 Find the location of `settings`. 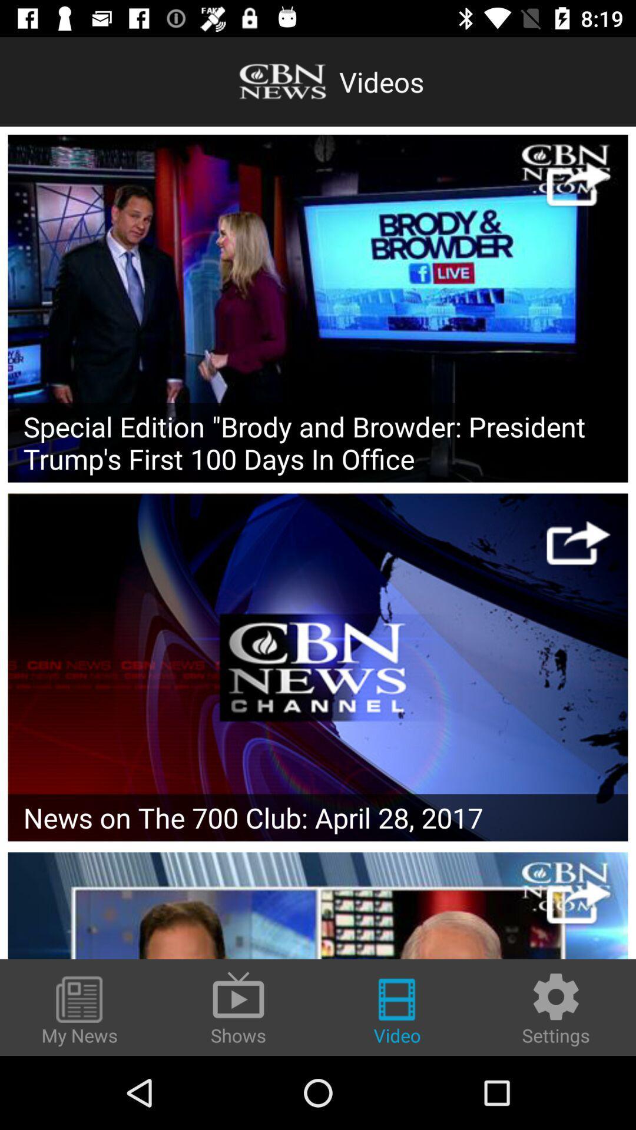

settings is located at coordinates (556, 1008).